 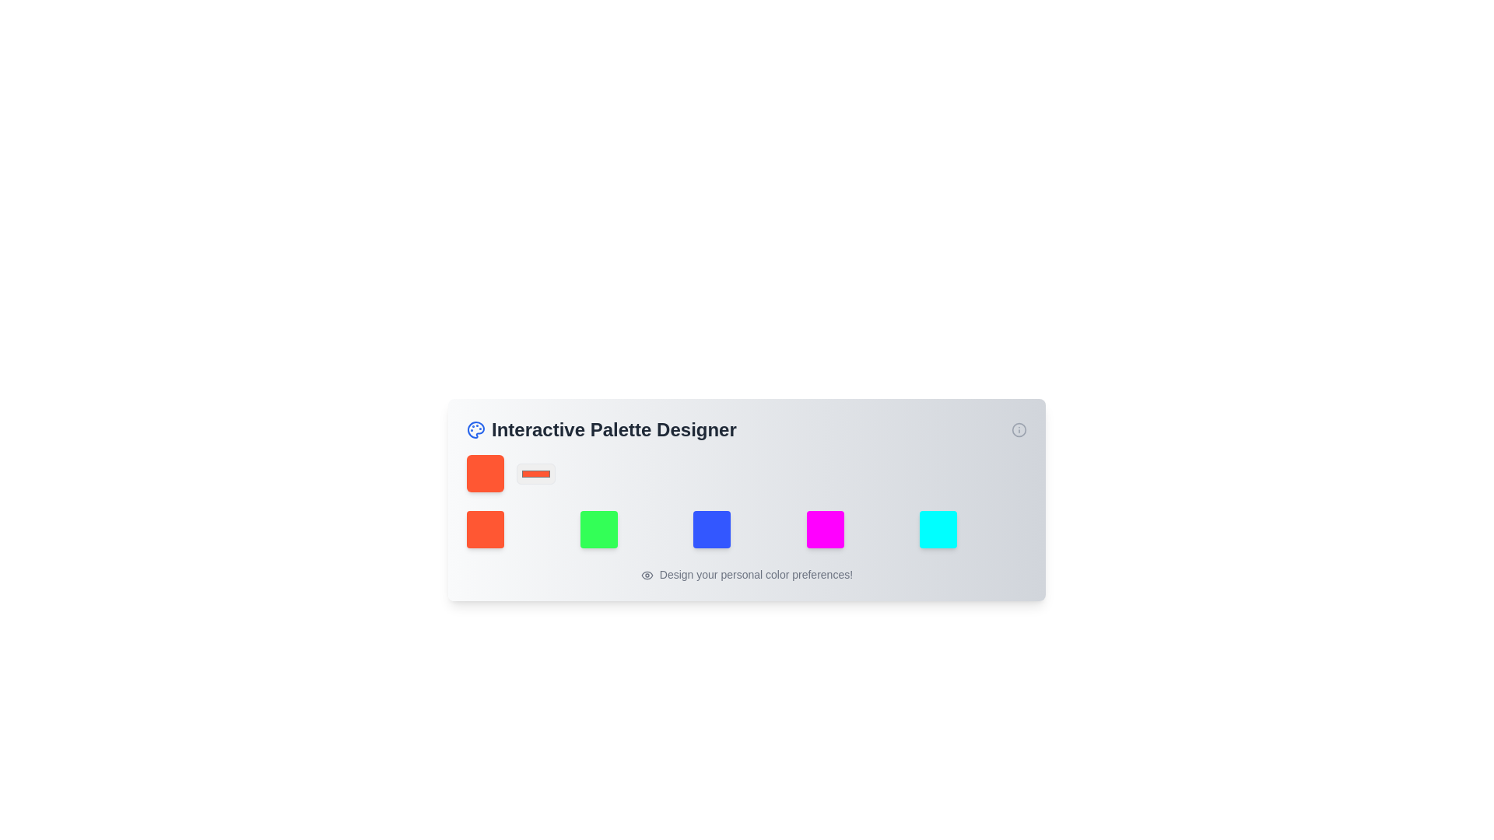 What do you see at coordinates (485, 473) in the screenshot?
I see `the first color swatch in the Interactive Palette Designer, which visually represents the color orange` at bounding box center [485, 473].